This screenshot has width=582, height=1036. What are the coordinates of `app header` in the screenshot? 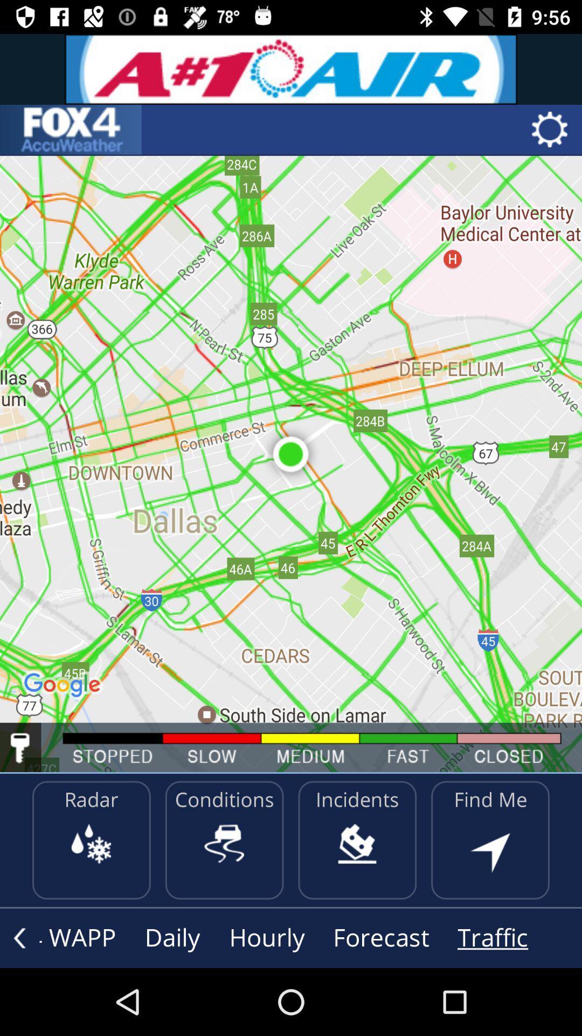 It's located at (71, 129).